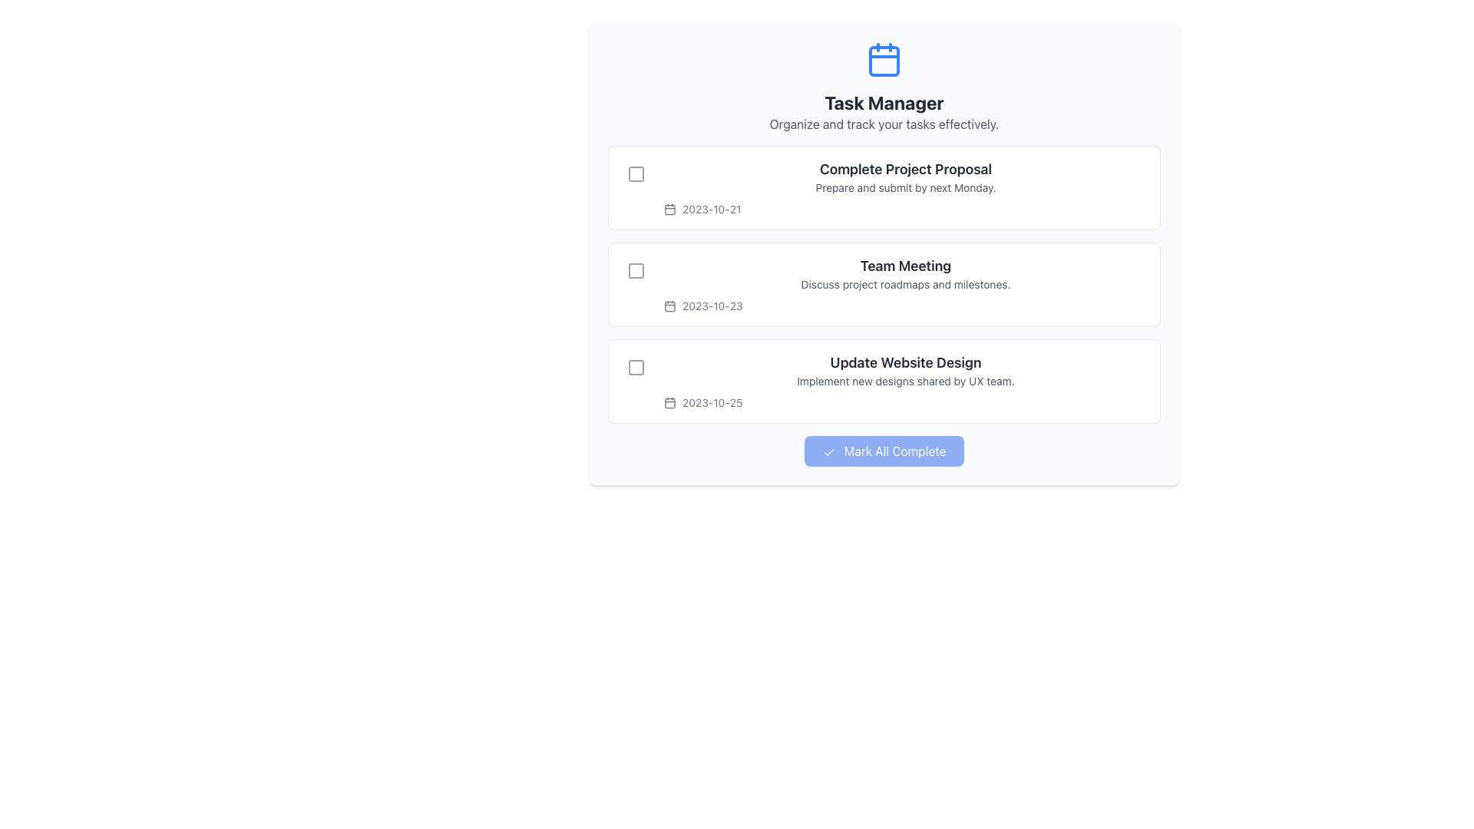 The image size is (1474, 829). I want to click on the button that marks all tasks as complete, so click(884, 450).